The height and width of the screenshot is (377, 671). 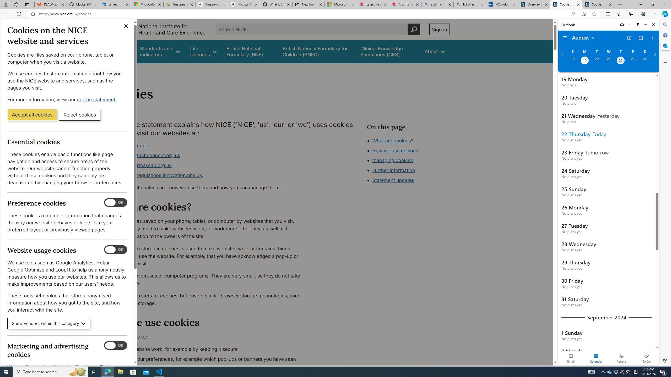 I want to click on 'Selected calendar module. Date today is 22', so click(x=596, y=358).